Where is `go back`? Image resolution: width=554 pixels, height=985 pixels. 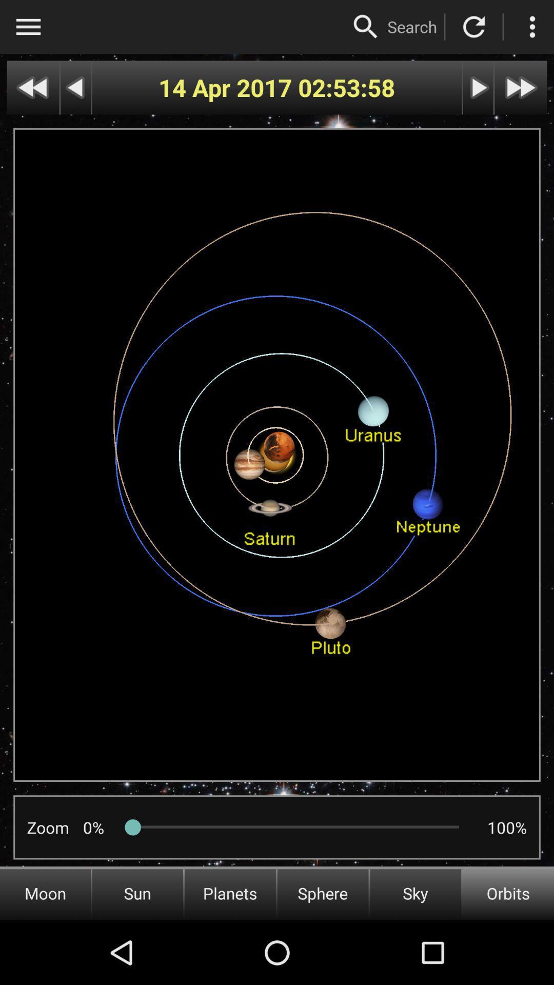
go back is located at coordinates (75, 88).